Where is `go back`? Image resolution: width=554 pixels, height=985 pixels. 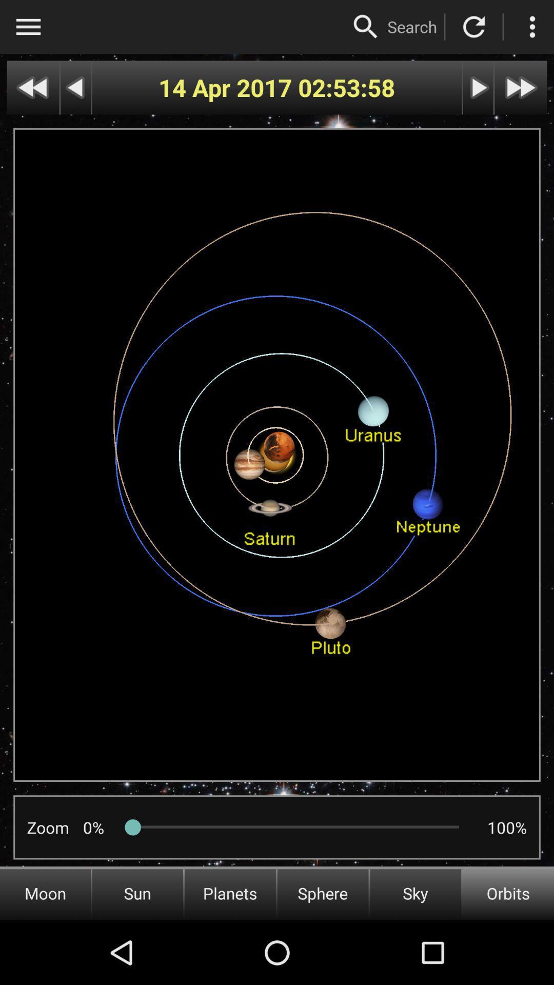
go back is located at coordinates (75, 88).